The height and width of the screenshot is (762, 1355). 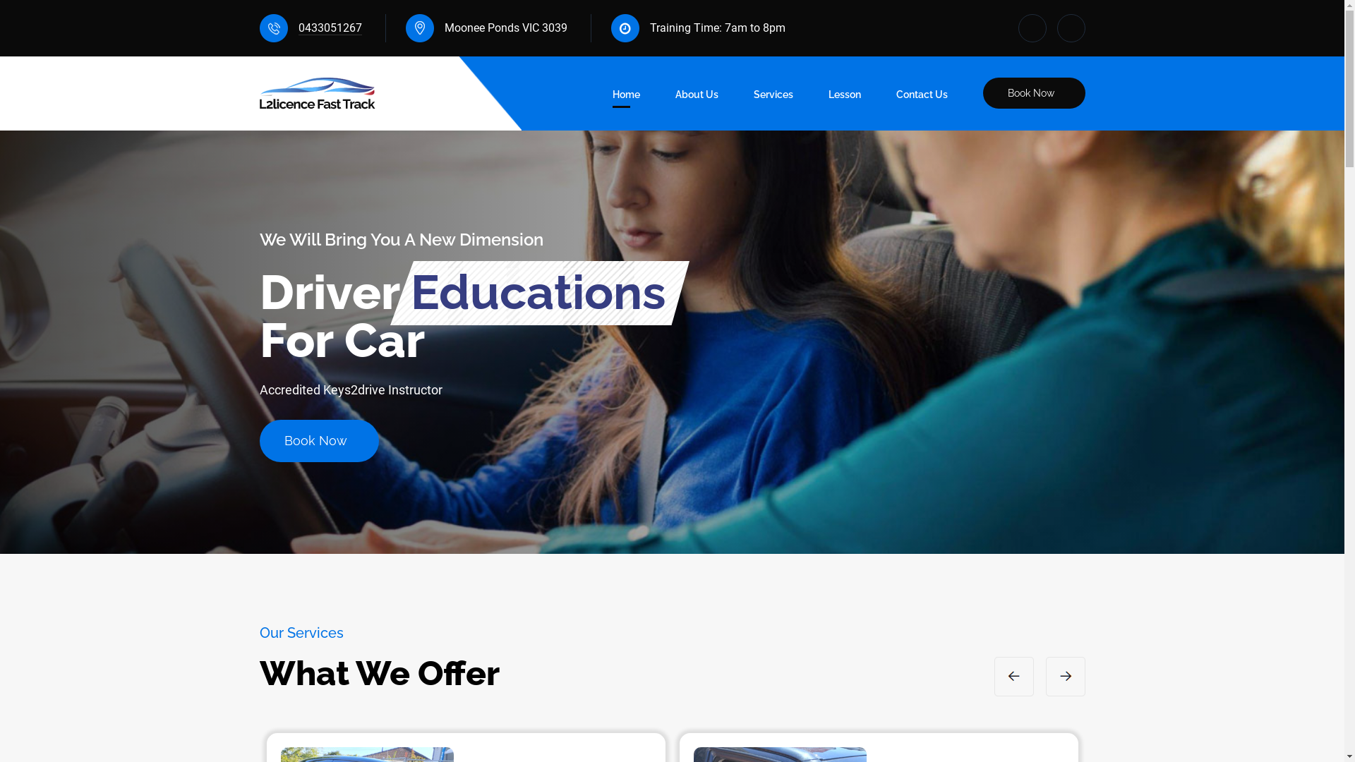 What do you see at coordinates (844, 97) in the screenshot?
I see `'Lesson'` at bounding box center [844, 97].